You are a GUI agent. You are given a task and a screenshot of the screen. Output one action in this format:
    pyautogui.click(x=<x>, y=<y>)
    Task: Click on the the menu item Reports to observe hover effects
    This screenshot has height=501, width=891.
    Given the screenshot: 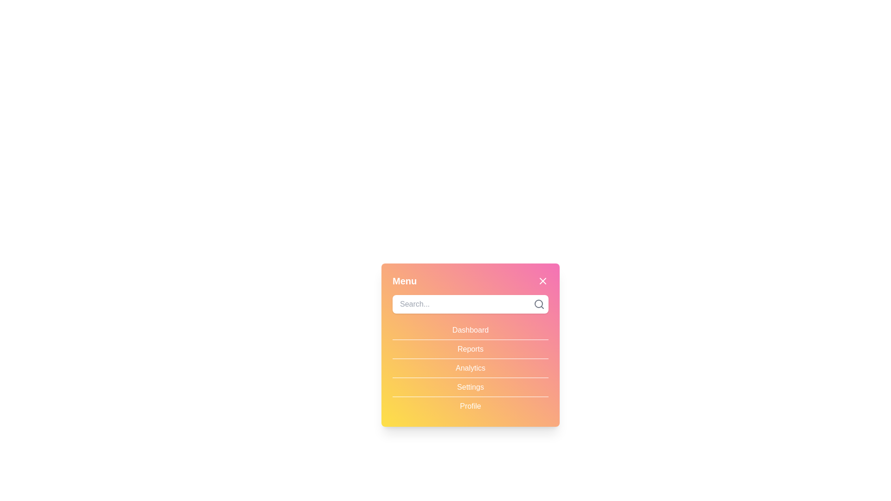 What is the action you would take?
    pyautogui.click(x=470, y=349)
    